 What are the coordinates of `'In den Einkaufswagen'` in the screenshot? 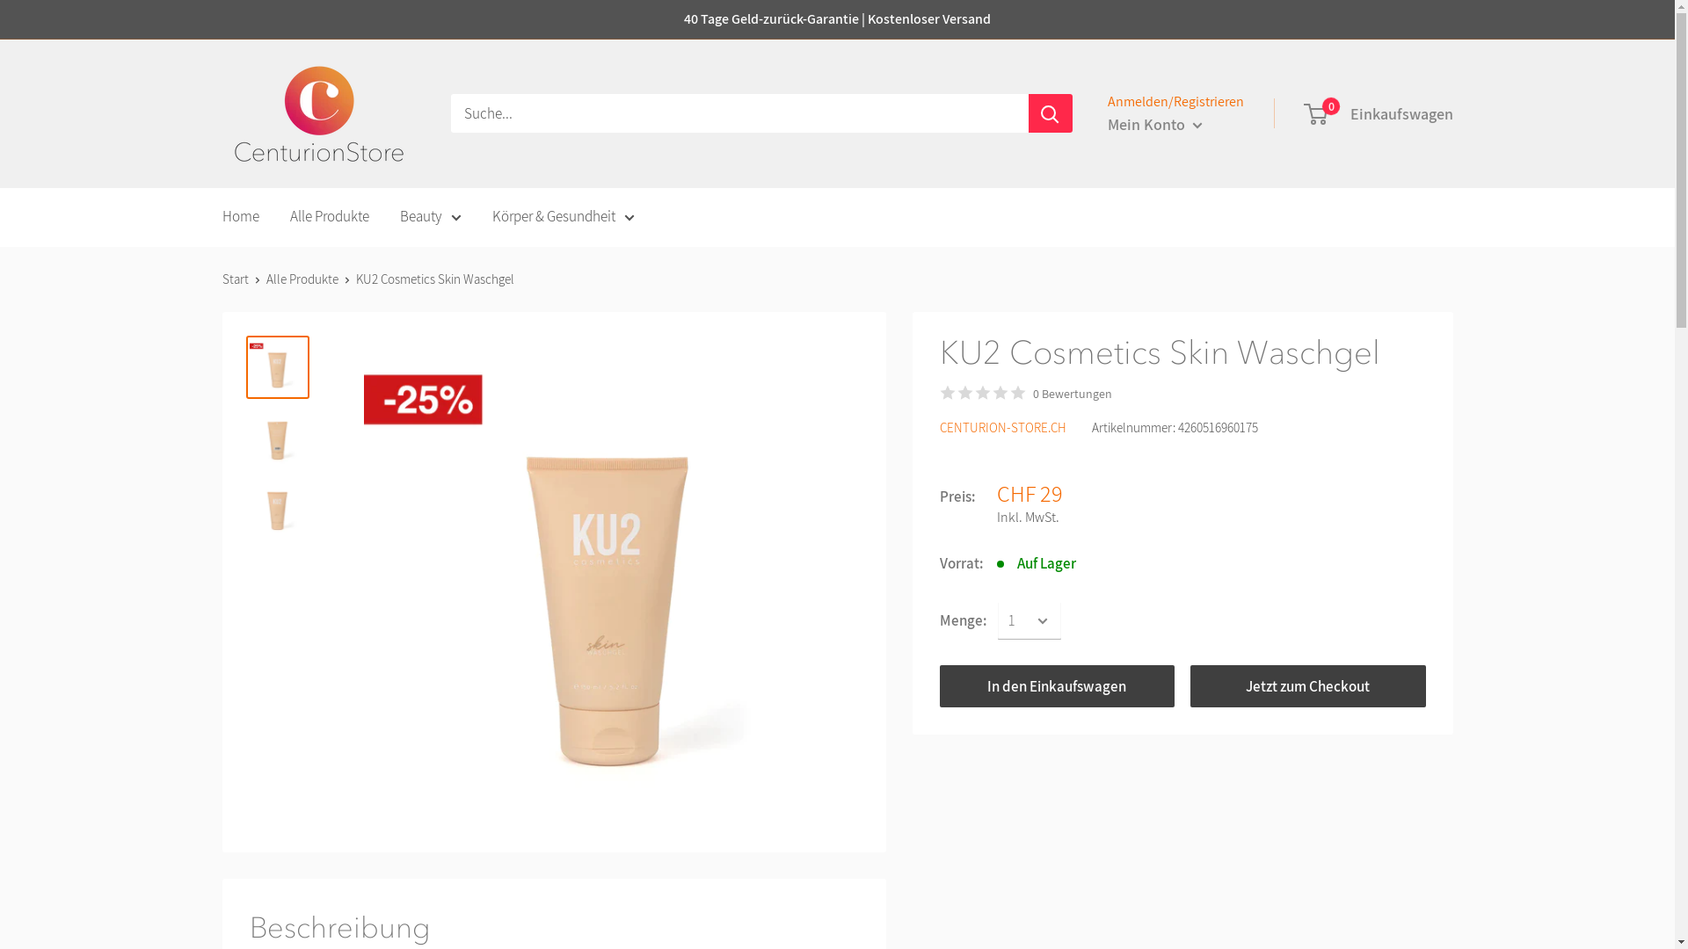 It's located at (938, 685).